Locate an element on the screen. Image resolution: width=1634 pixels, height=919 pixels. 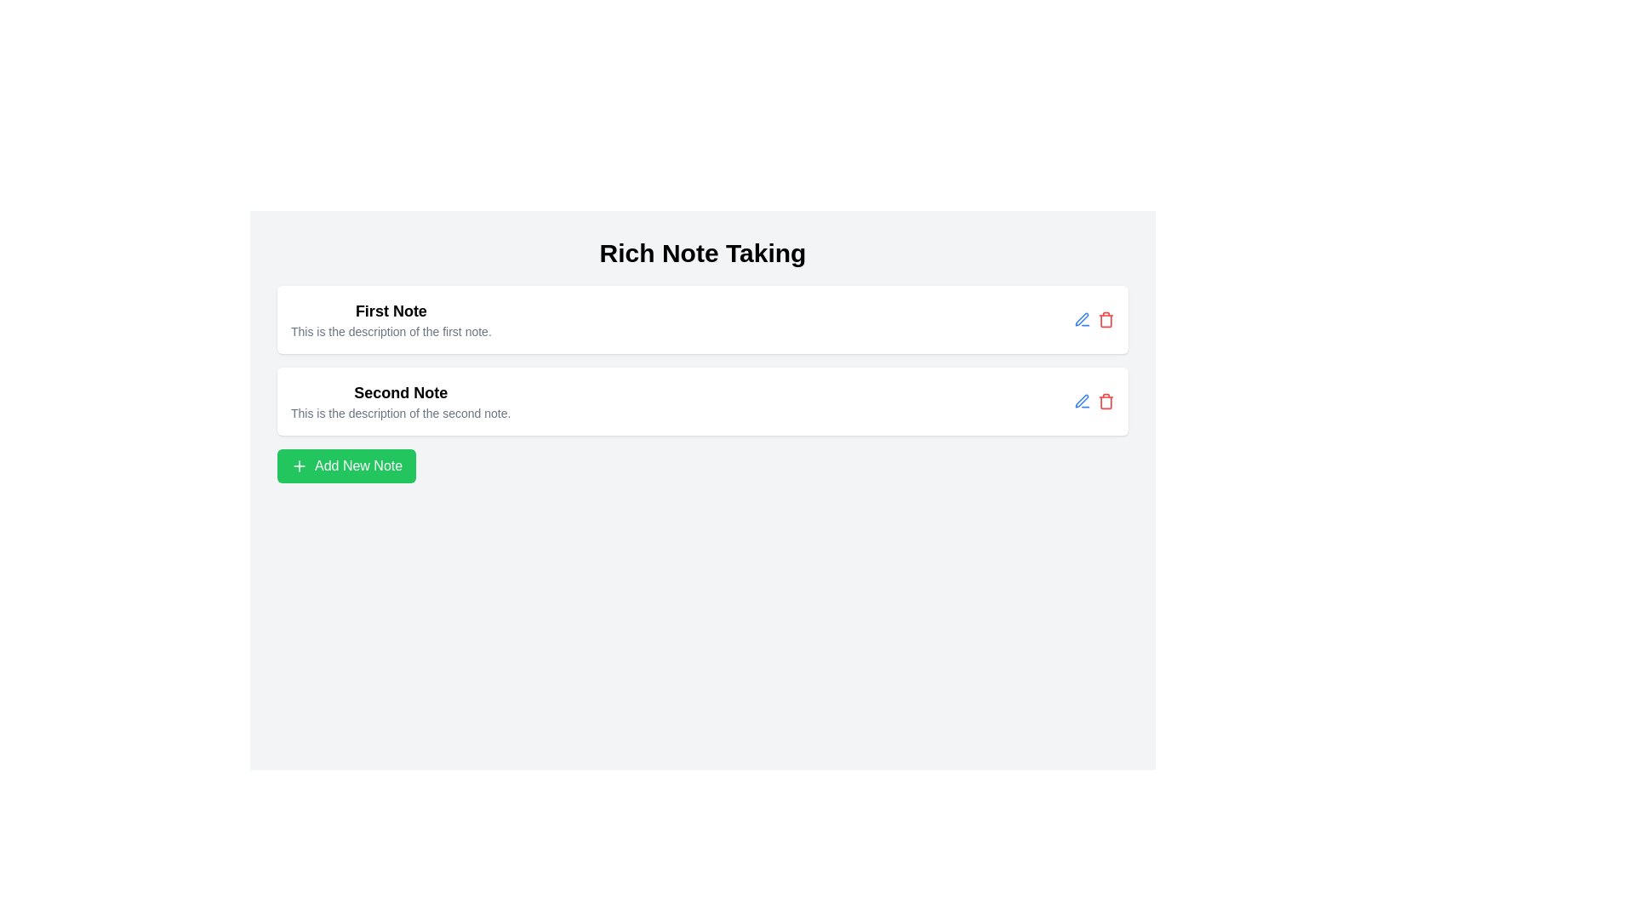
the text label that serves as the title for the first note is located at coordinates (390, 311).